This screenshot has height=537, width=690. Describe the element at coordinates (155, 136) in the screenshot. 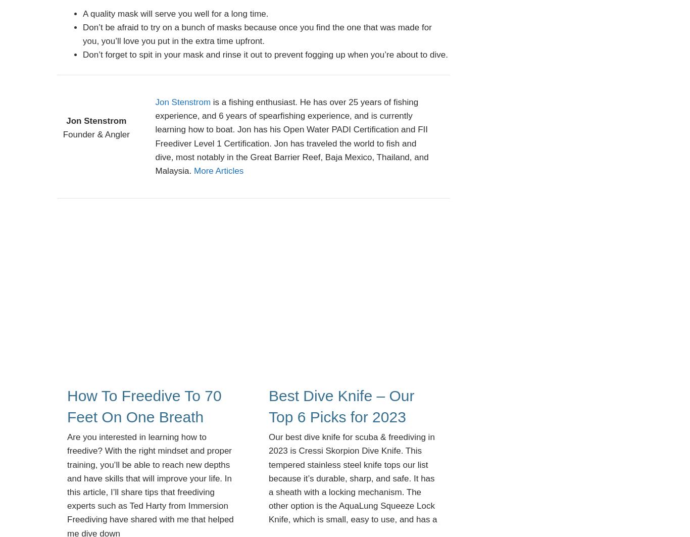

I see `'is a fishing enthusiast. He has over 25 years of fishing experience, and 6 years of spearfishing experience, and is currently learning how to boat. Jon has his Open Water PADI Certification and FII Freediver Level 1 Certification. Jon has traveled the world to fish and dive, most notably in the Great Barrier Reef, Baja Mexico, Thailand, and Malaysia.'` at that location.